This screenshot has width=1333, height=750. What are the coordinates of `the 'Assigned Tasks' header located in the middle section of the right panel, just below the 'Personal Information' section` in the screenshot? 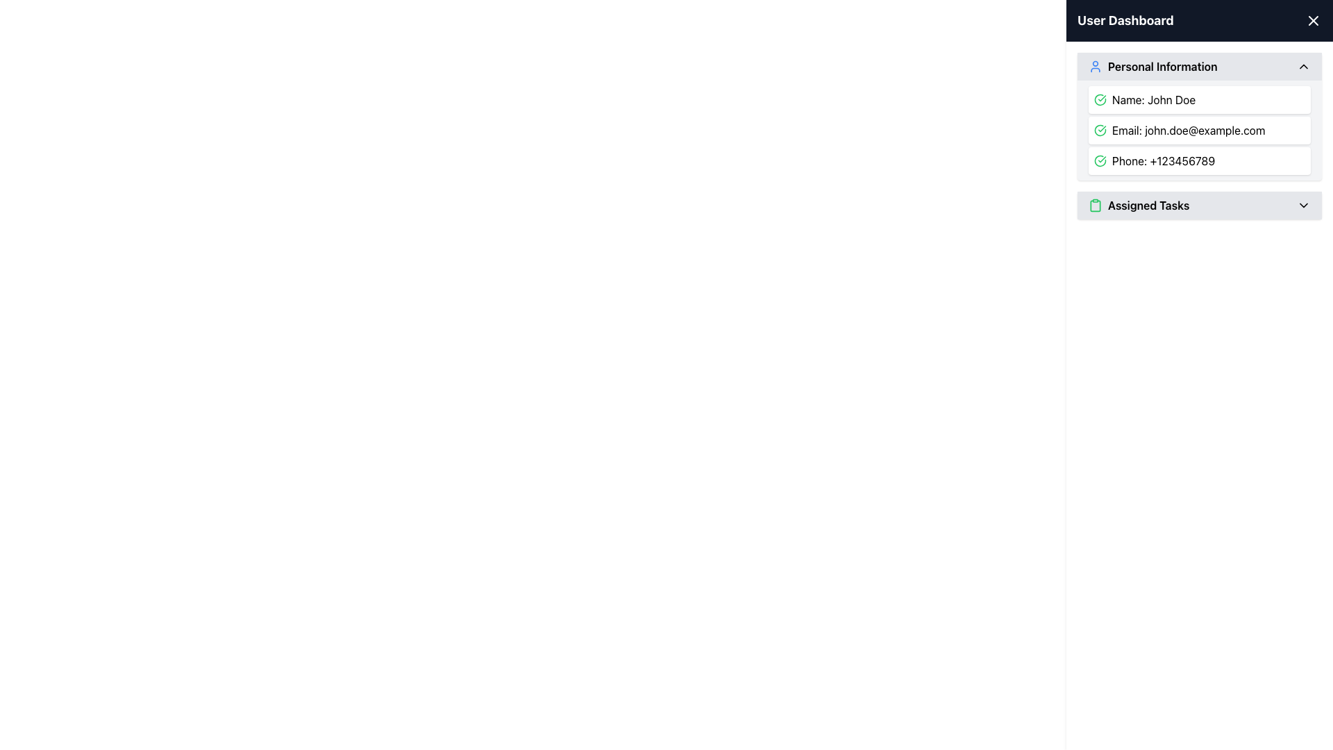 It's located at (1139, 206).